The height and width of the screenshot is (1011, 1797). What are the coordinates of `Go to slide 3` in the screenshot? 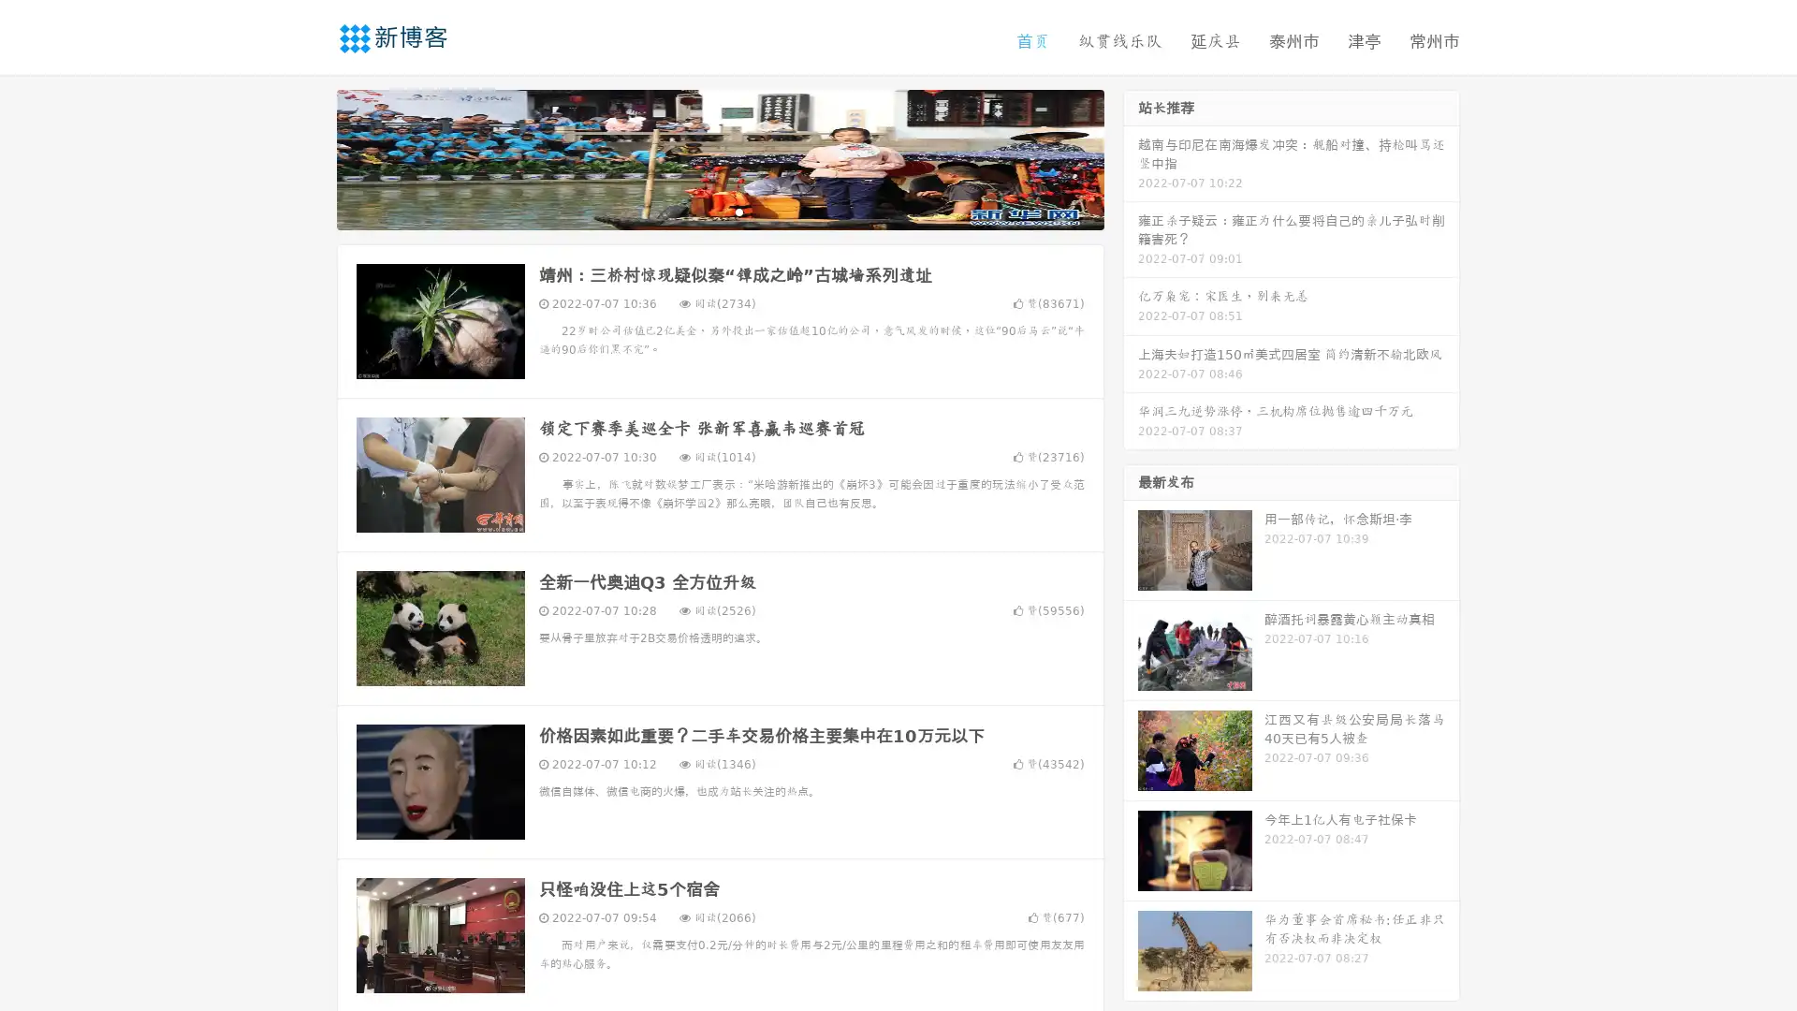 It's located at (738, 211).